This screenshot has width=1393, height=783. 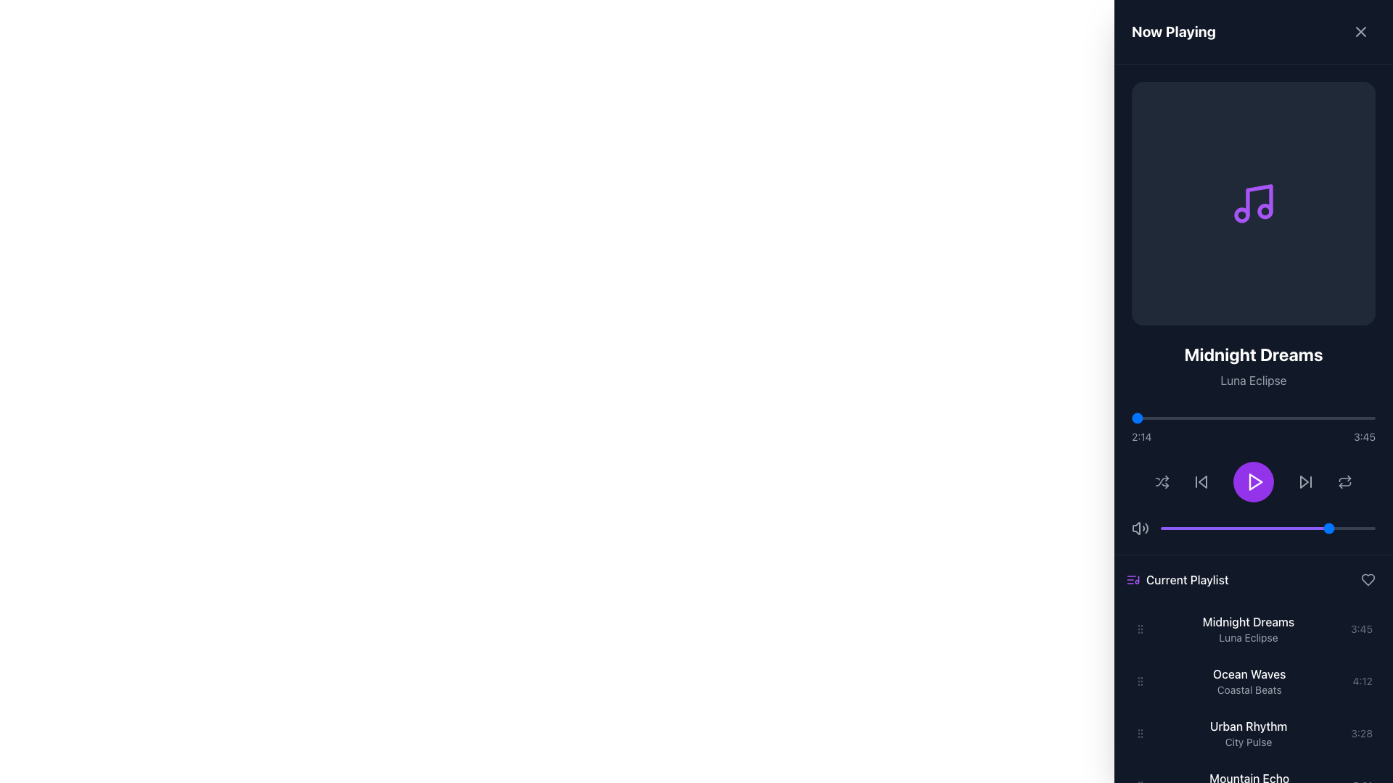 What do you see at coordinates (1253, 681) in the screenshot?
I see `the list item displaying the song title 'Ocean Waves' with subtitle 'Coastal Beats'` at bounding box center [1253, 681].